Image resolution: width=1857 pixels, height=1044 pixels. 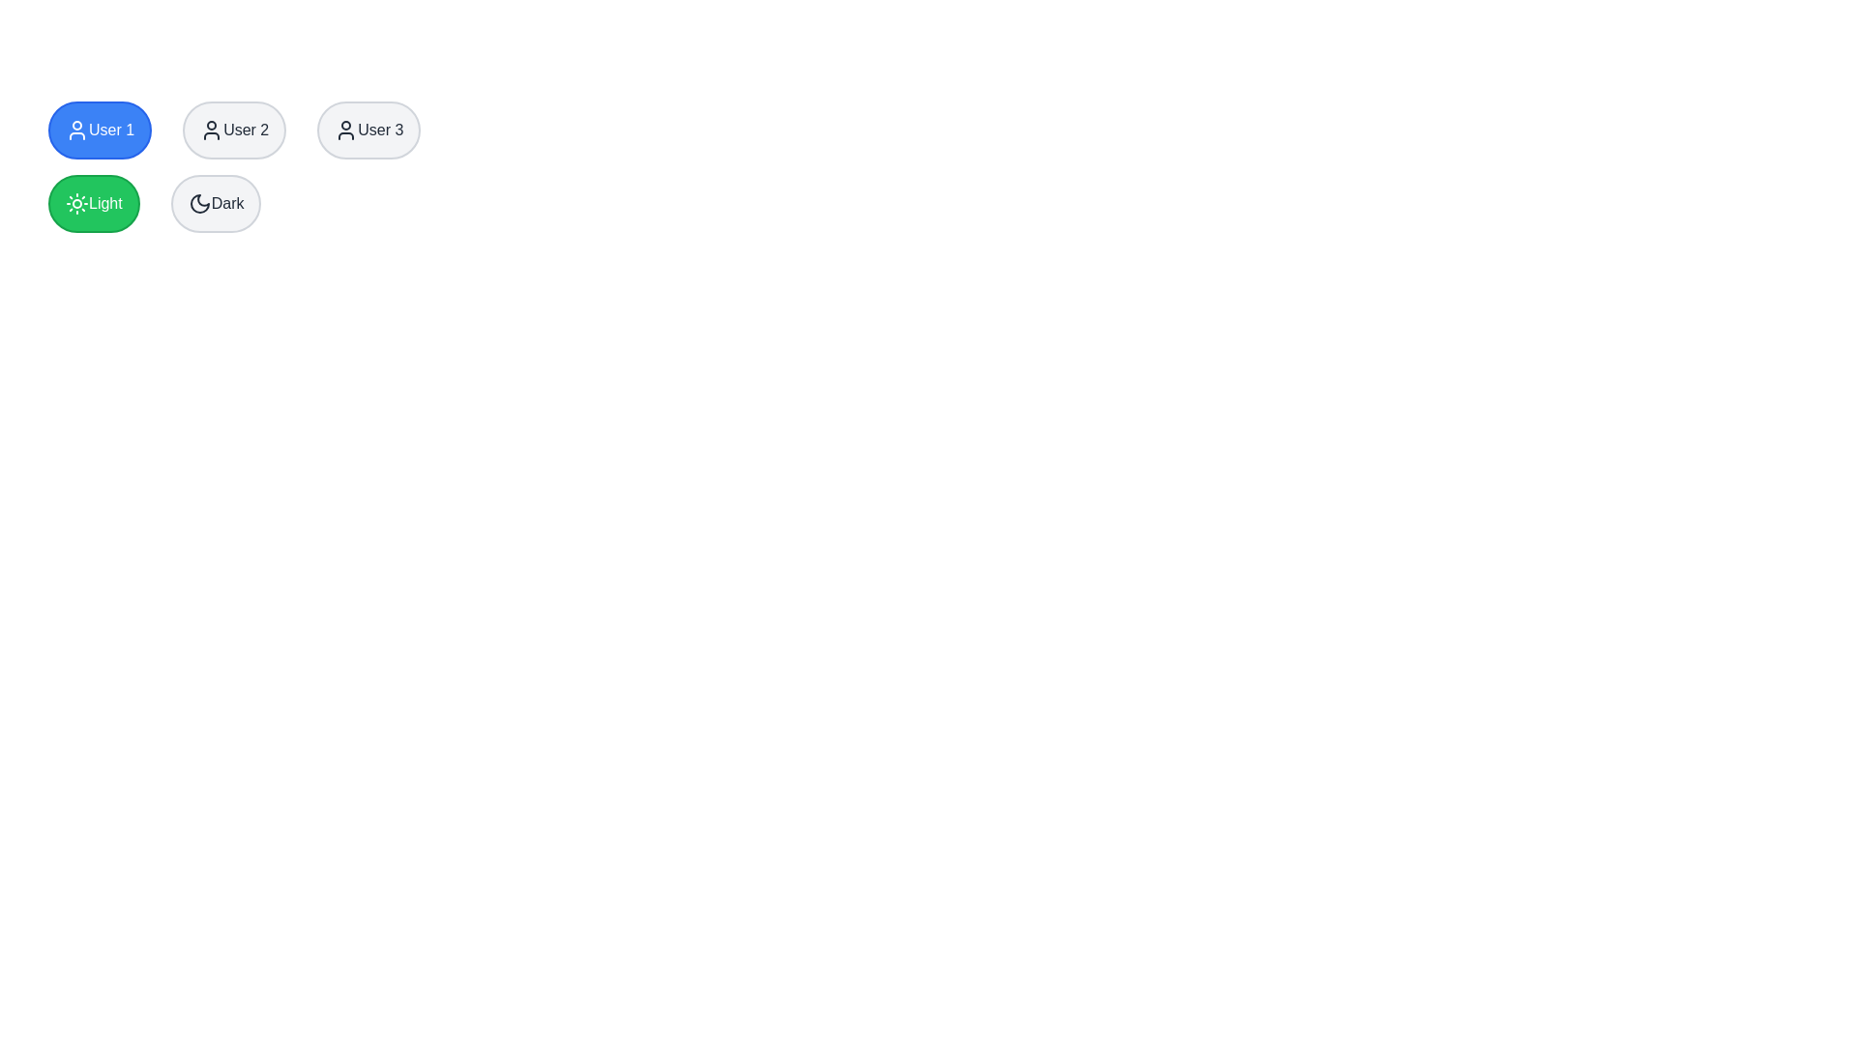 I want to click on the second button in the group of three buttons, which is related to 'User 2', so click(x=233, y=130).